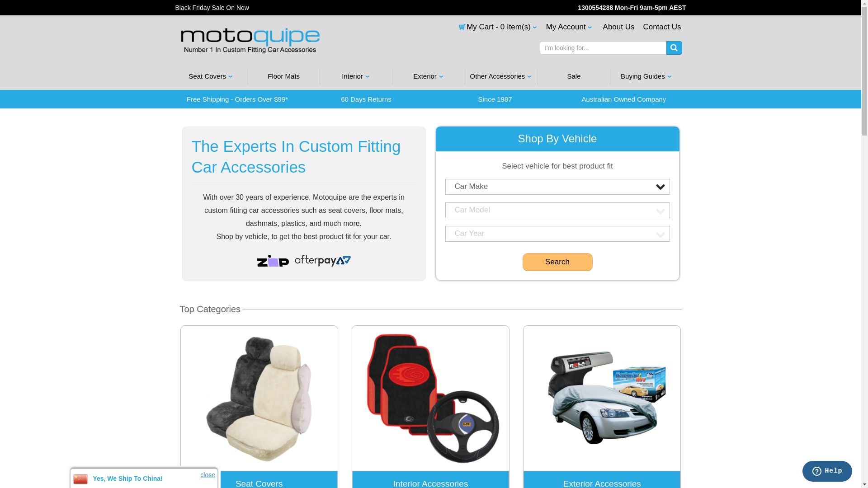 The width and height of the screenshot is (868, 488). What do you see at coordinates (568, 27) in the screenshot?
I see `'My Account'` at bounding box center [568, 27].